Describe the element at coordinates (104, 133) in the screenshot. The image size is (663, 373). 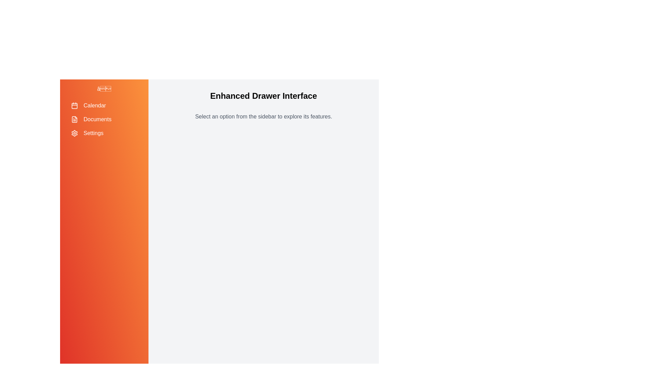
I see `the menu item labeled 'Settings' to highlight it` at that location.